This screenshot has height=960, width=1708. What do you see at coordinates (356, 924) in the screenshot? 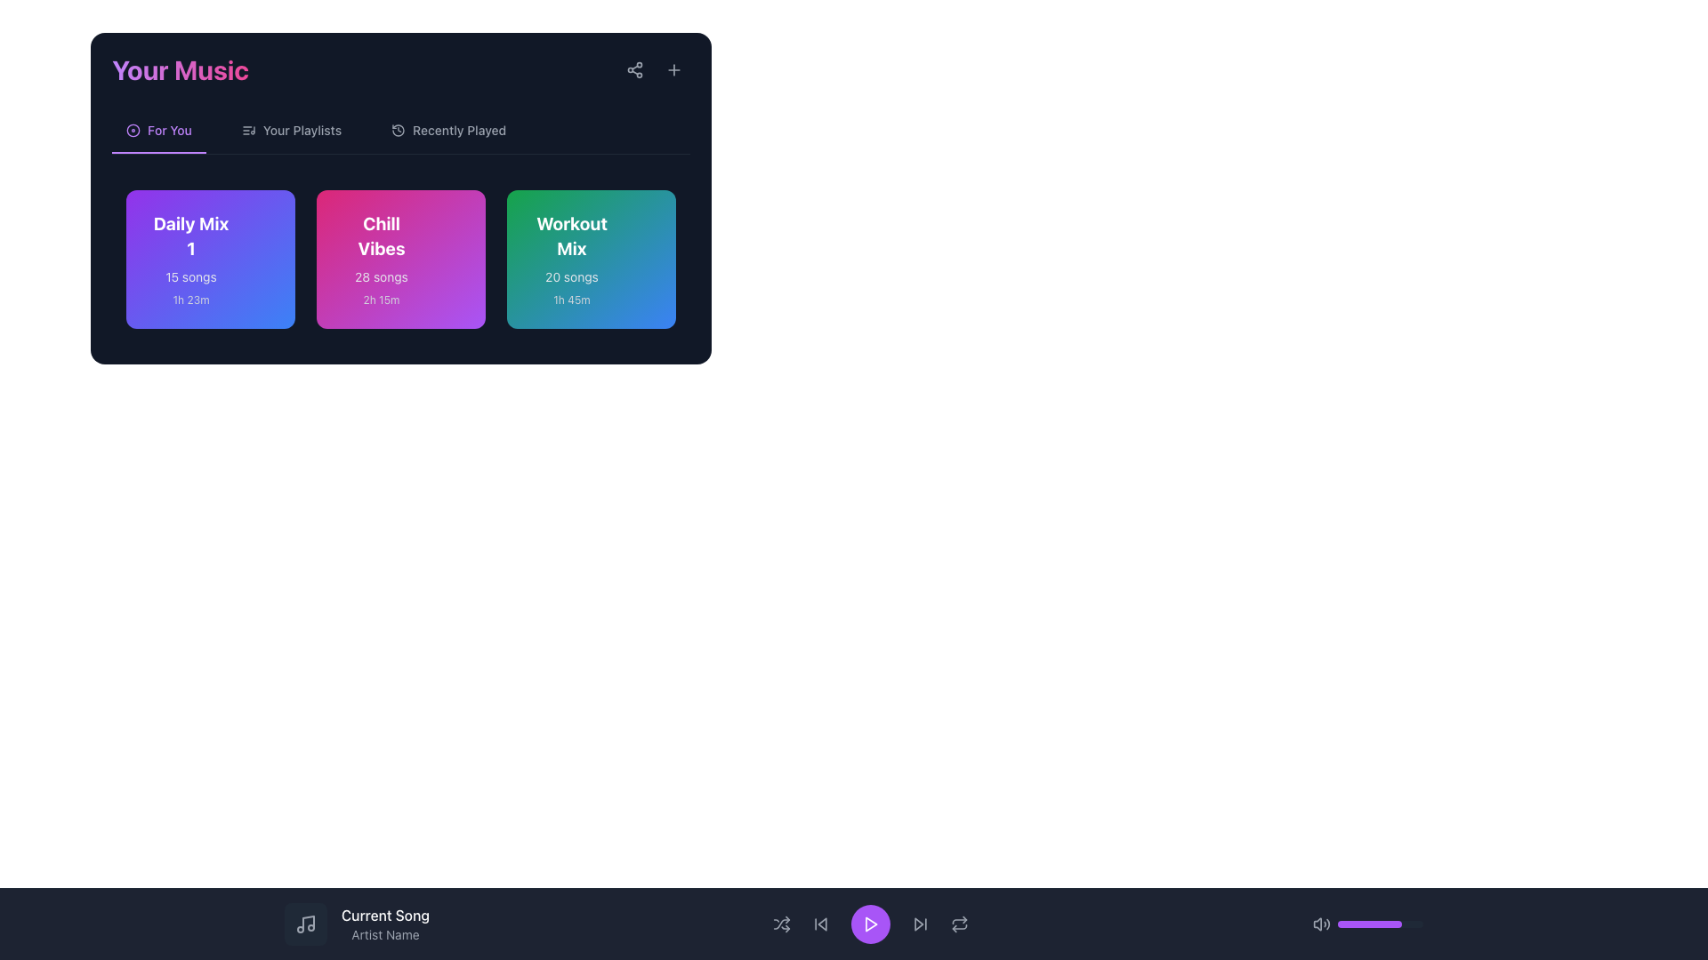
I see `the 'Current Song' informational label, which includes the artist's name and a musical note icon` at bounding box center [356, 924].